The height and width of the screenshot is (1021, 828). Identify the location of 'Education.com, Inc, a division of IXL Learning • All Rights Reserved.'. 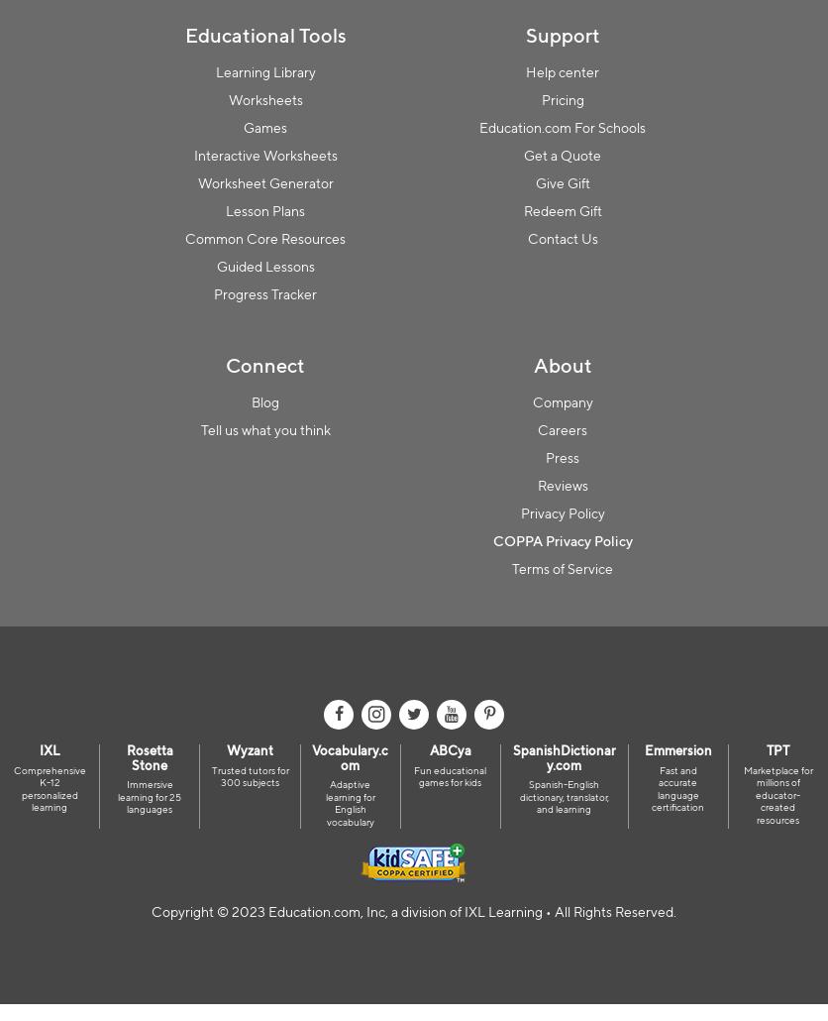
(470, 911).